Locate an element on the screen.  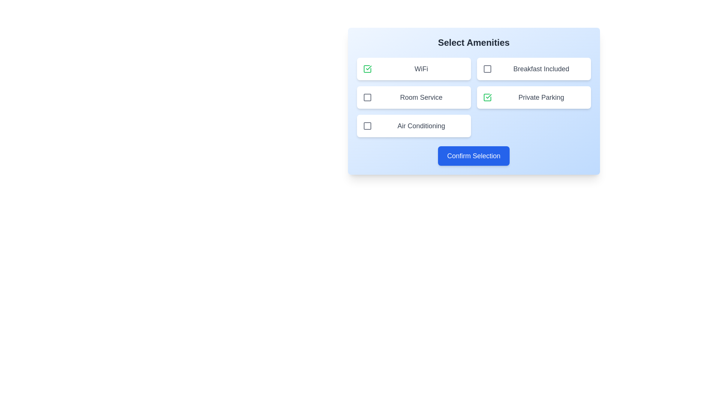
the checkbox for 'Breakfast Included' is located at coordinates (487, 69).